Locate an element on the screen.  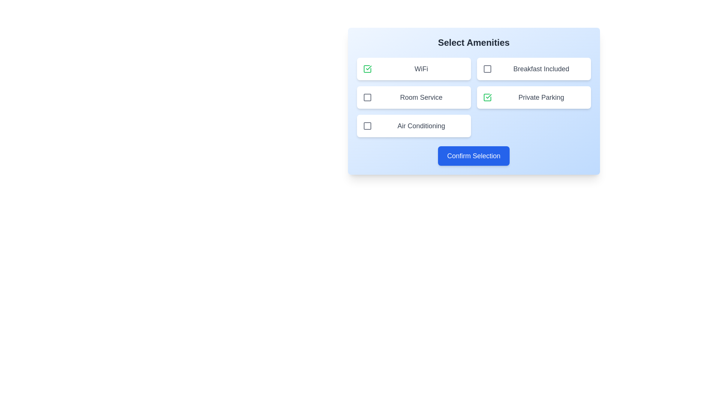
the checkbox for 'Breakfast Included' is located at coordinates (487, 69).